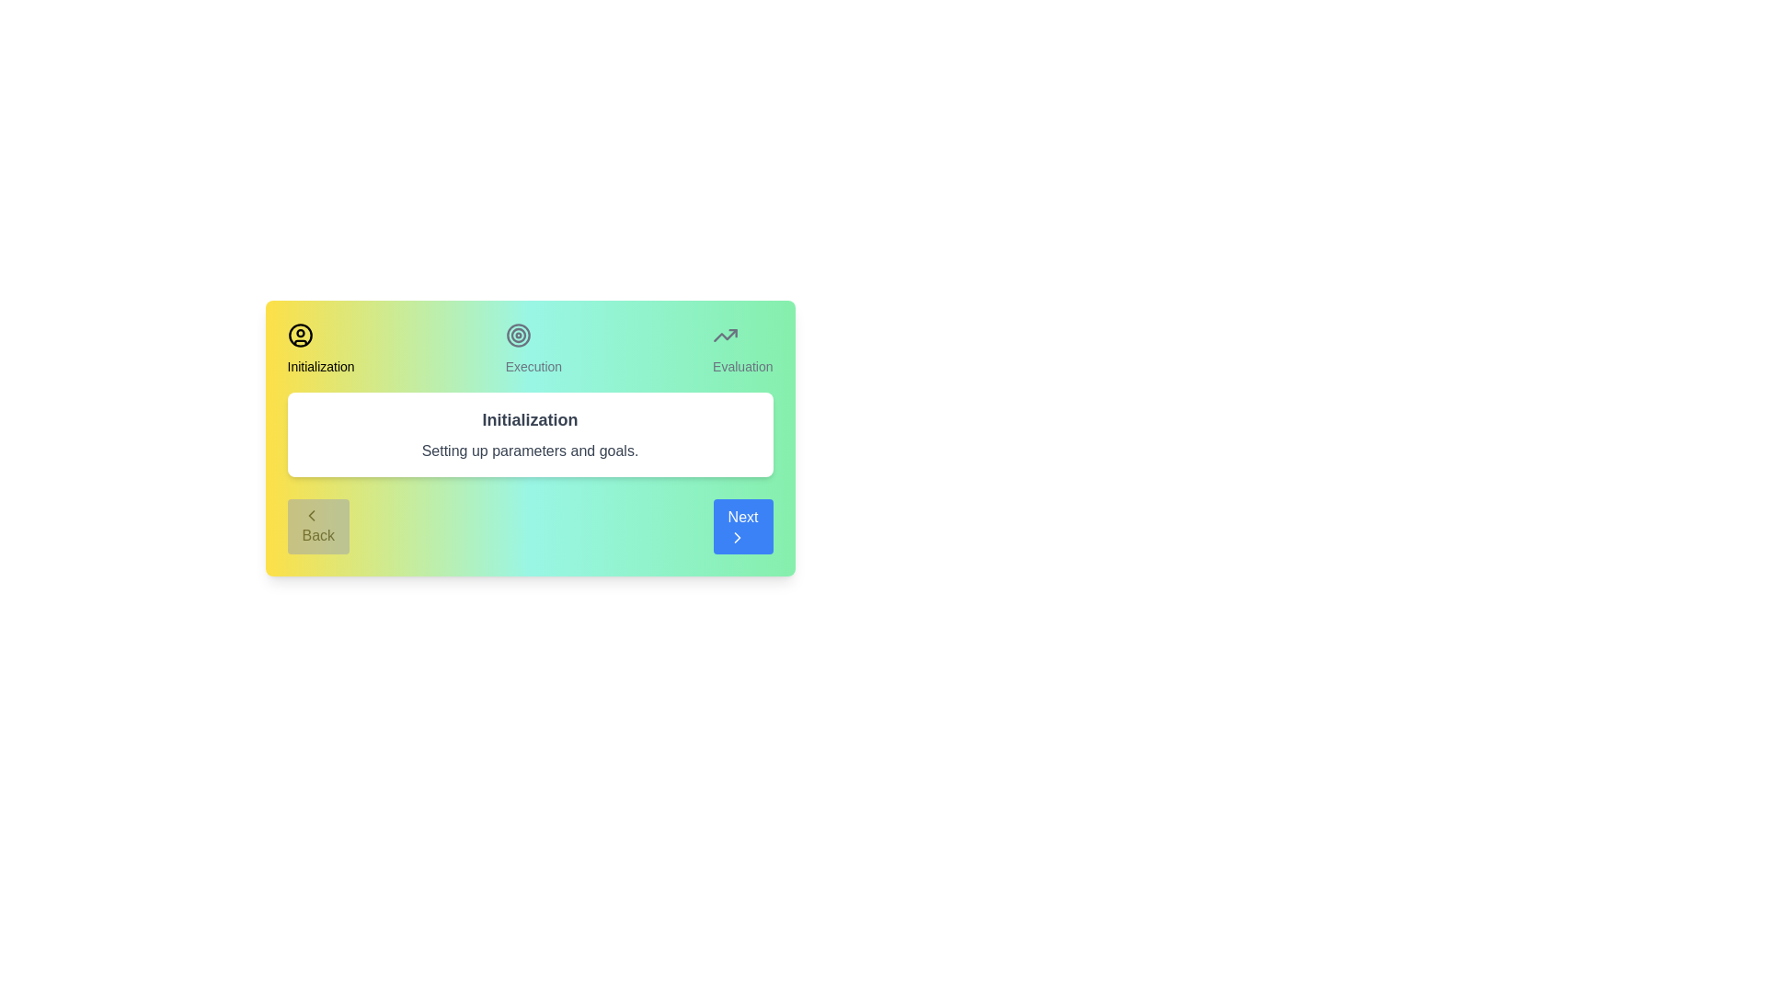  I want to click on the Initialization icon to navigate to the corresponding stage, so click(300, 336).